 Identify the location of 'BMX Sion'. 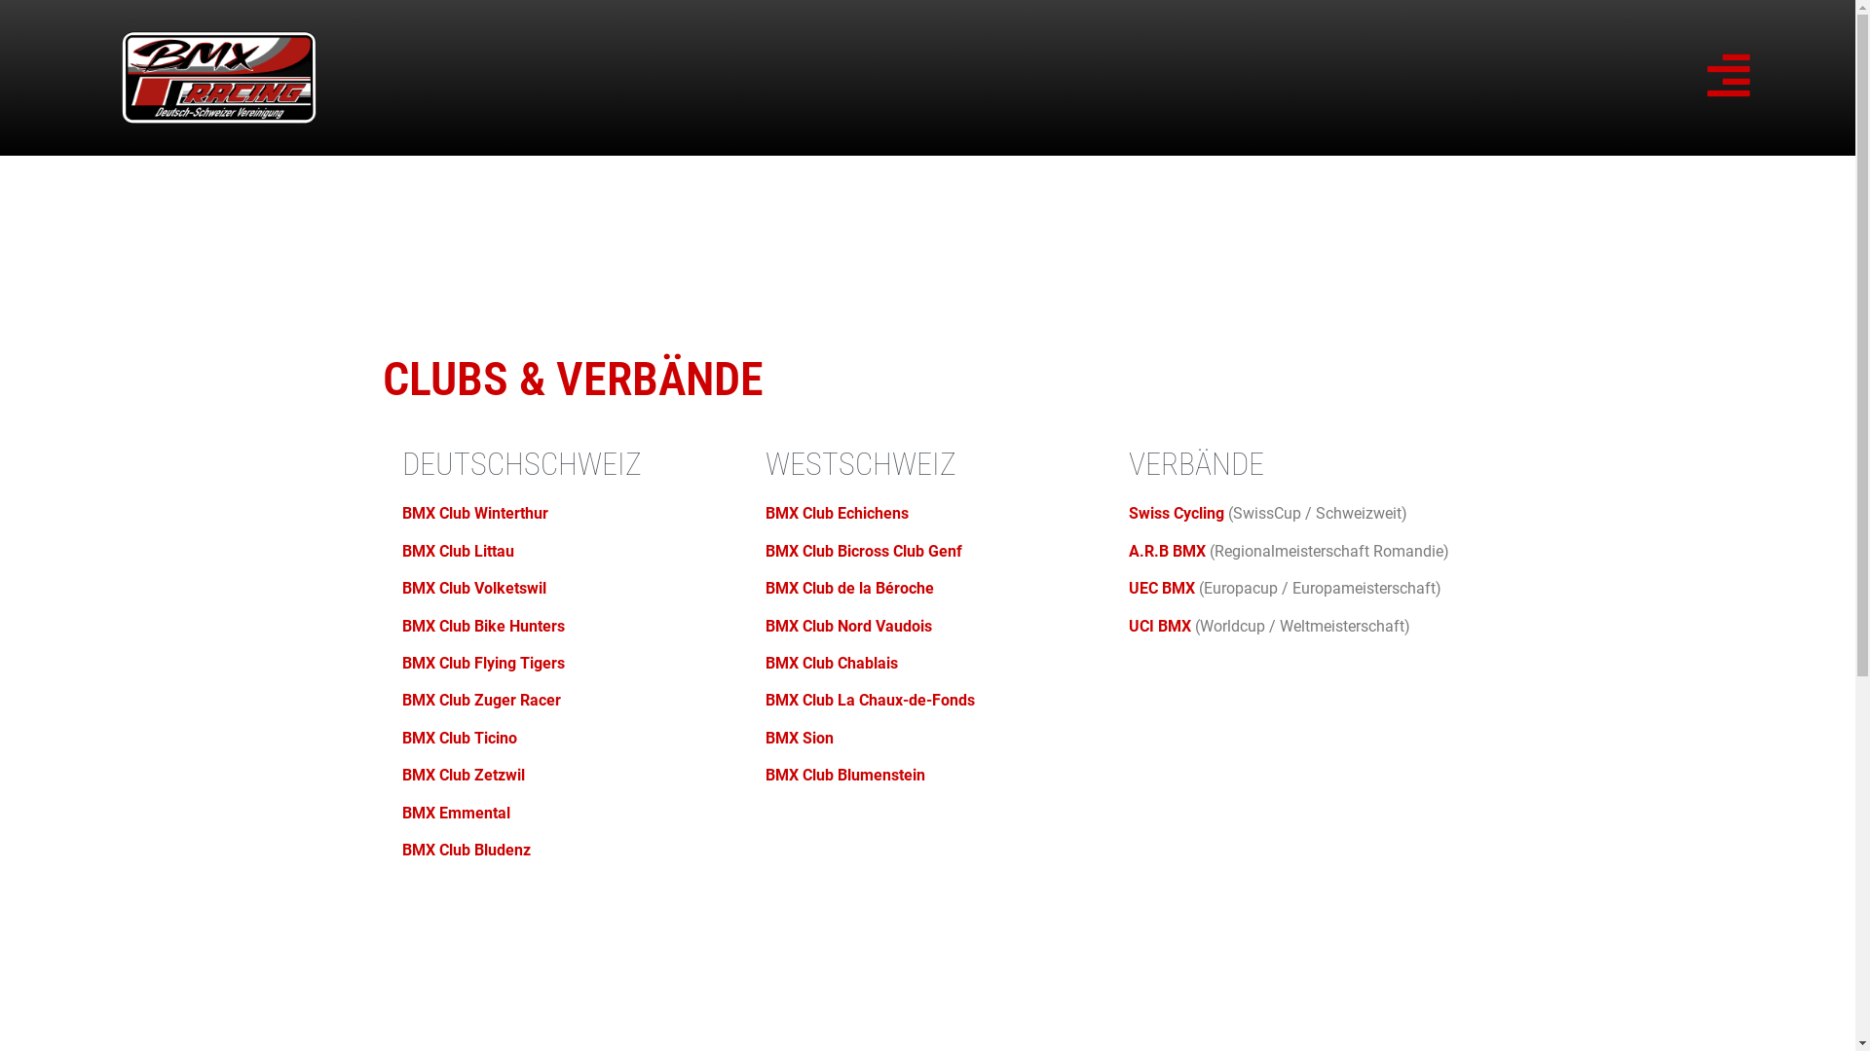
(799, 738).